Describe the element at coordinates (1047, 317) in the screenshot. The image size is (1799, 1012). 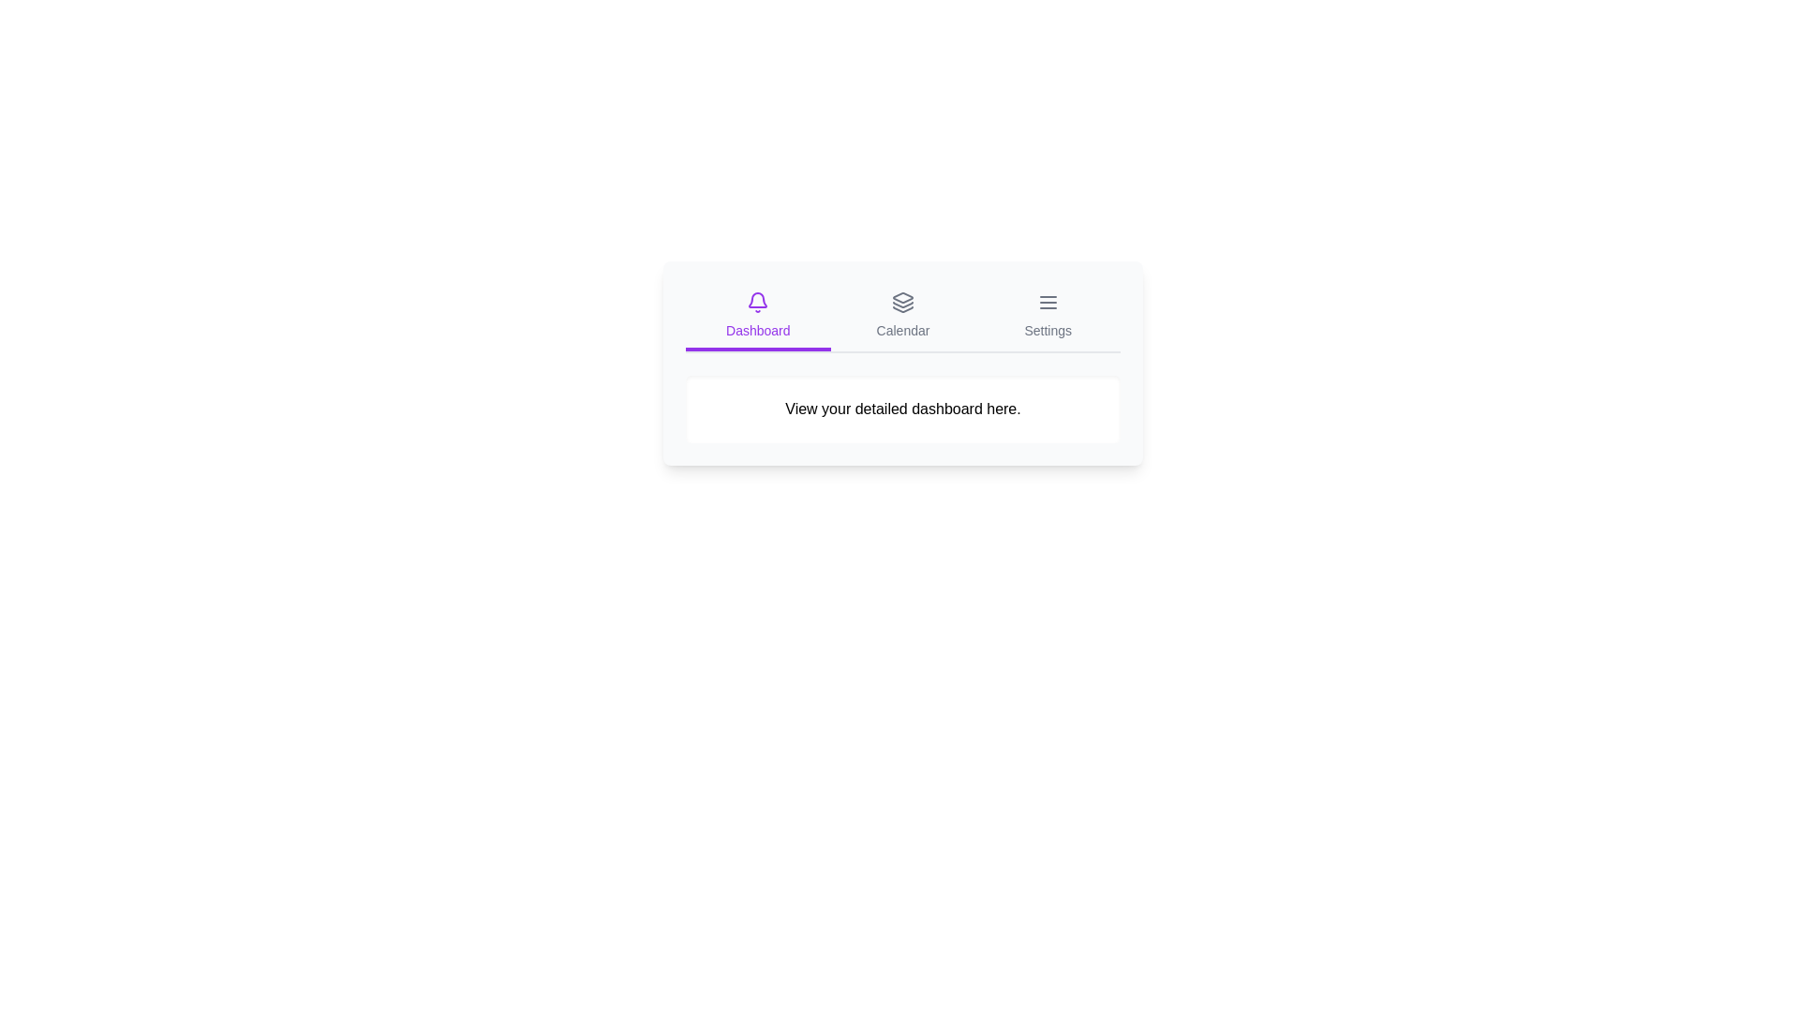
I see `the Settings tab by clicking on its label or icon` at that location.